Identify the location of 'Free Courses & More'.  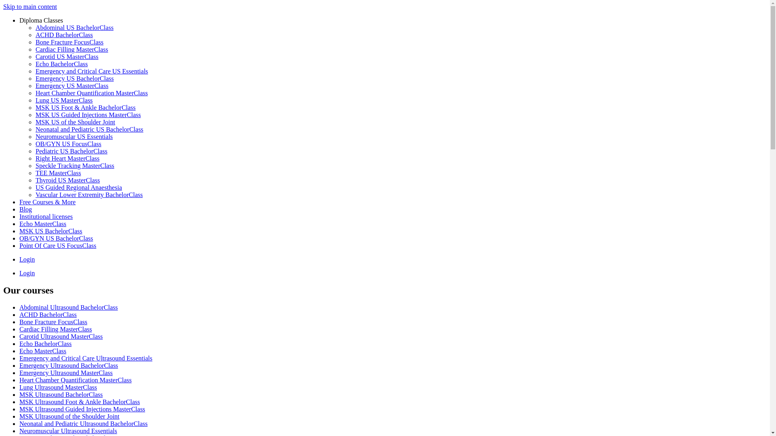
(19, 201).